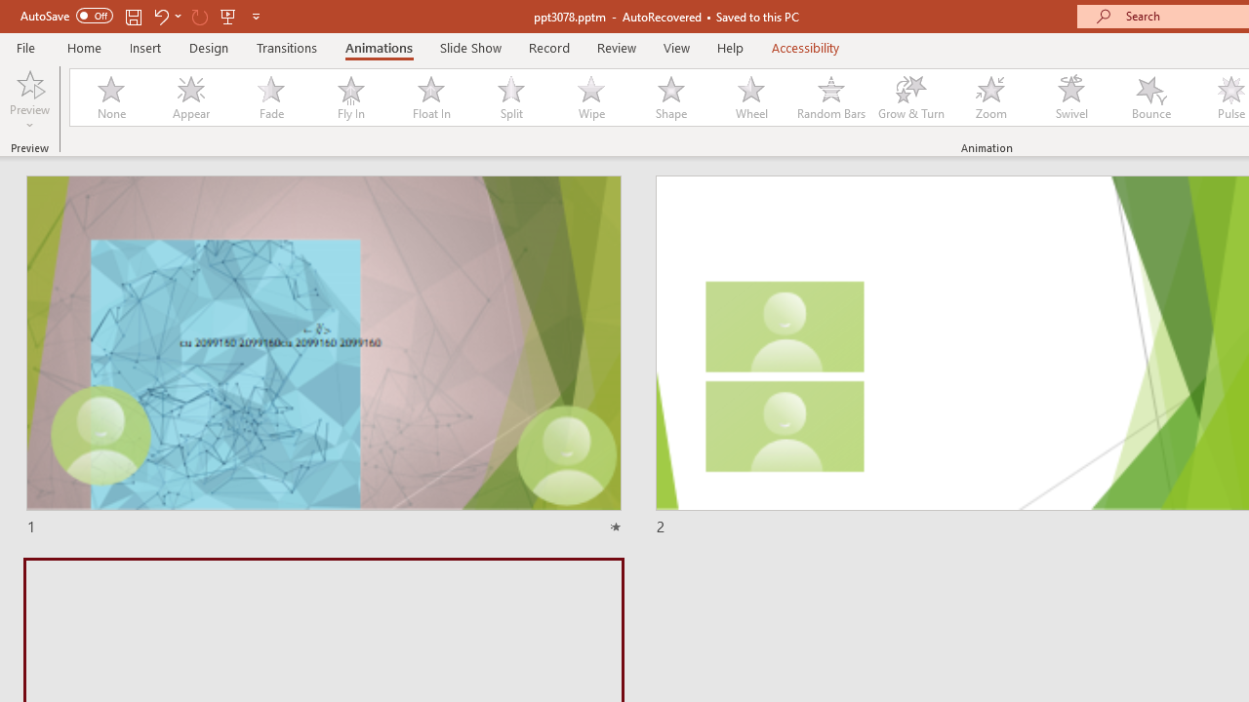 The width and height of the screenshot is (1249, 702). I want to click on 'None', so click(109, 97).